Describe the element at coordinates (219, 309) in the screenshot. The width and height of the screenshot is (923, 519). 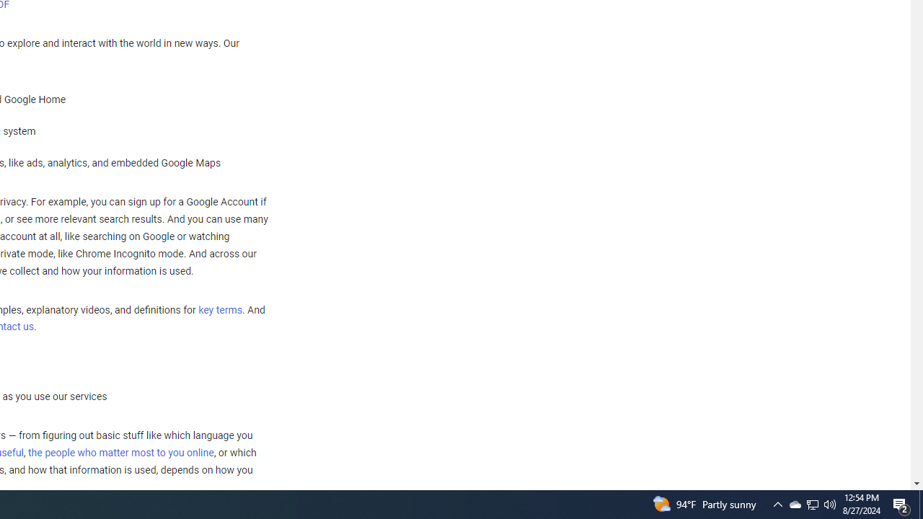
I see `'key terms'` at that location.